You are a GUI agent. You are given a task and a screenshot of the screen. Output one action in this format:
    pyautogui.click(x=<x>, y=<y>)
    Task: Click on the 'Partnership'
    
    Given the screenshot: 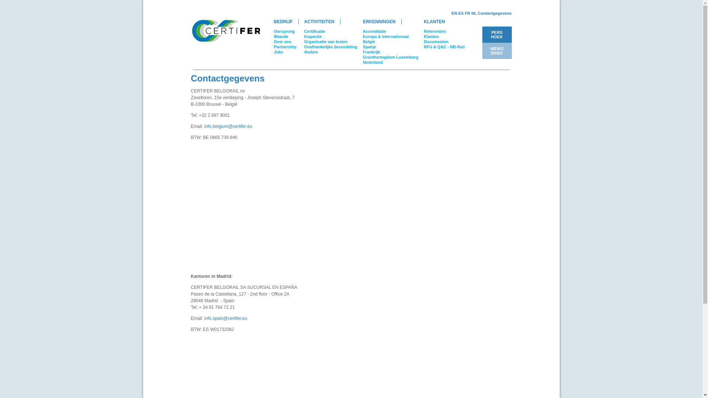 What is the action you would take?
    pyautogui.click(x=284, y=47)
    